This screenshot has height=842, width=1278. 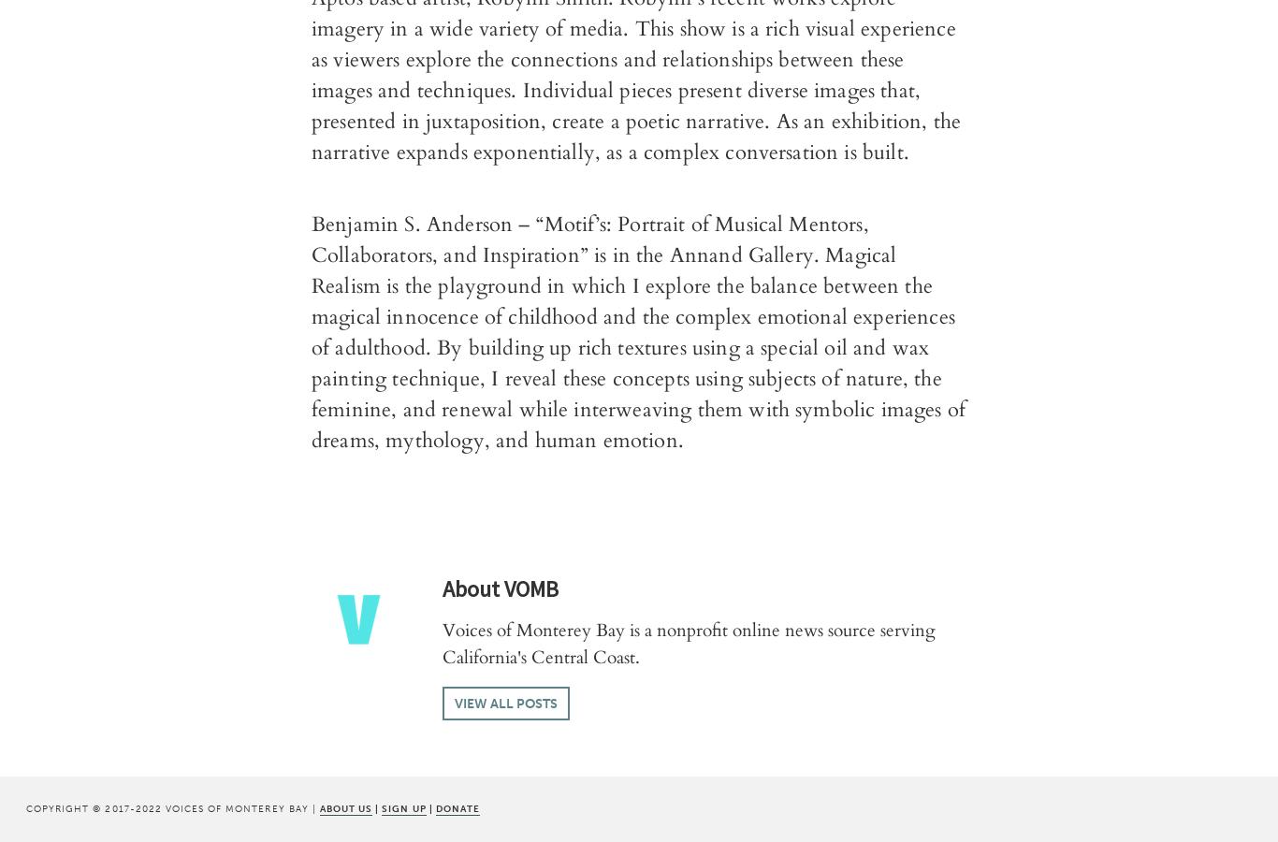 What do you see at coordinates (471, 588) in the screenshot?
I see `'About'` at bounding box center [471, 588].